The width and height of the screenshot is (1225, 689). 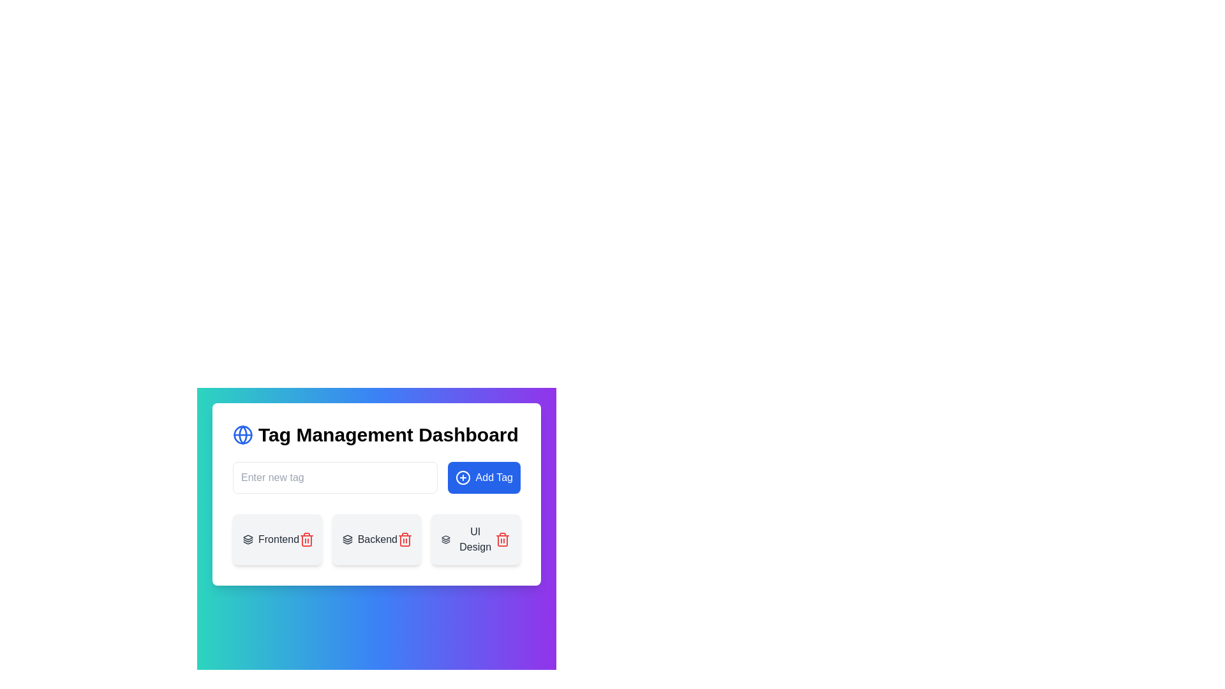 I want to click on the circular icon with a blue background and white plus sign located to the left of the 'Add Tag' button, so click(x=462, y=477).